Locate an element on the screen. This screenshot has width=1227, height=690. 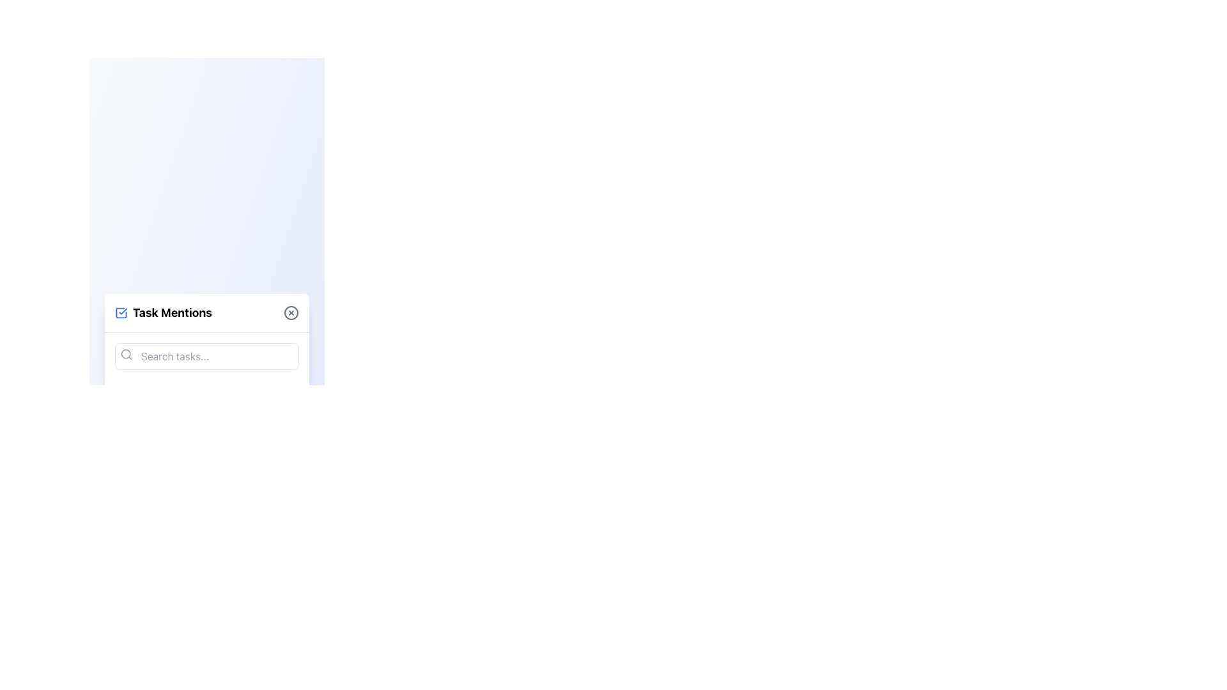
the circular button with a cross icon located in the top-right corner of the 'Task Mentions' panel is located at coordinates (291, 312).